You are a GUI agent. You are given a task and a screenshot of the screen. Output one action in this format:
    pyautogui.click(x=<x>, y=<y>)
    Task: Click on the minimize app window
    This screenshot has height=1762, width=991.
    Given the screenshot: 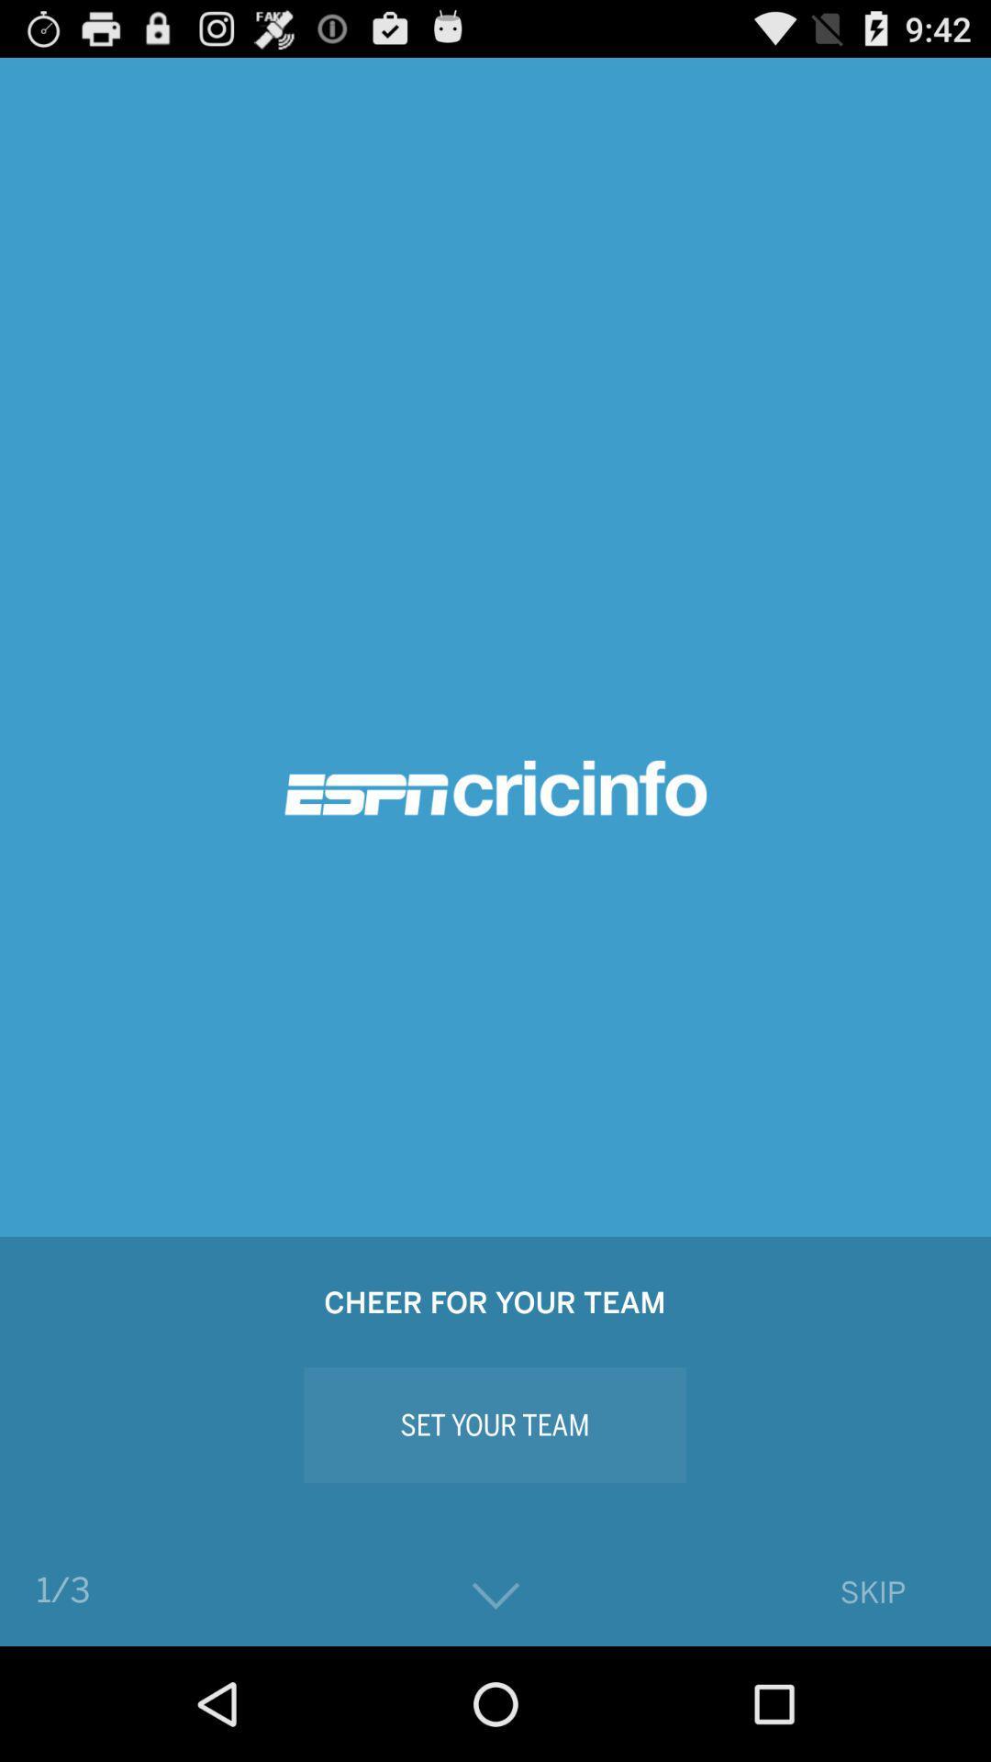 What is the action you would take?
    pyautogui.click(x=495, y=1595)
    